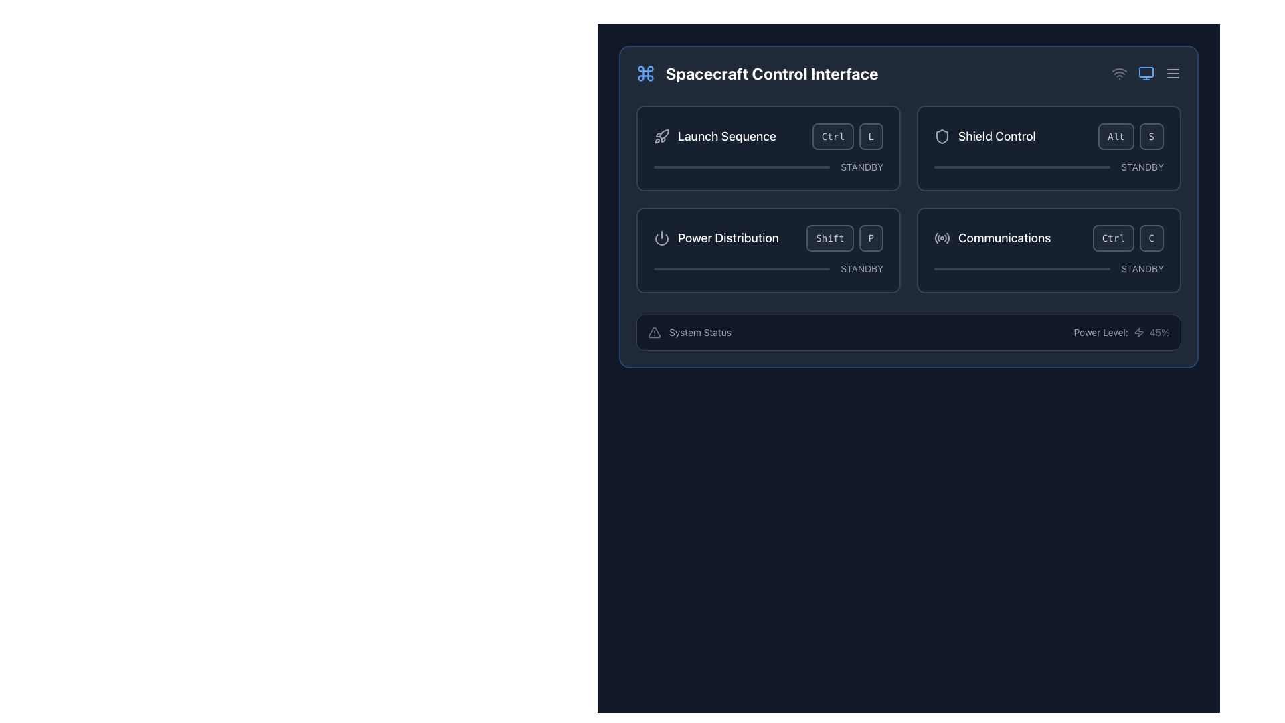  I want to click on the shield control, so click(1049, 167).